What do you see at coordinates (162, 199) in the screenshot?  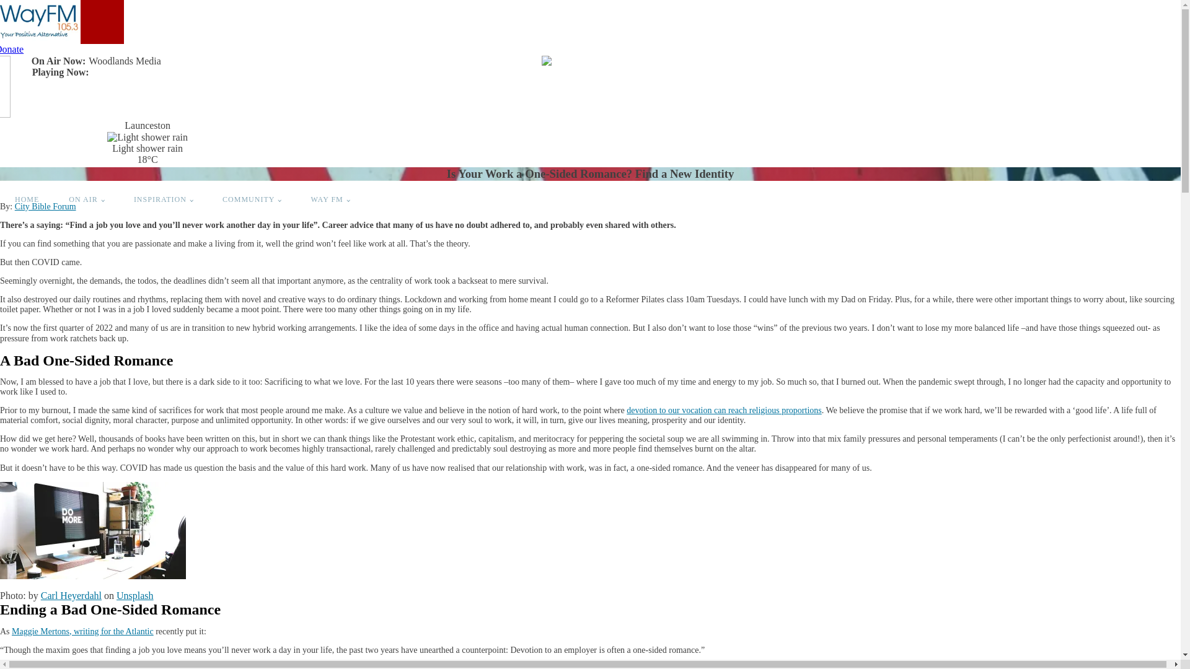 I see `'INSPIRATION'` at bounding box center [162, 199].